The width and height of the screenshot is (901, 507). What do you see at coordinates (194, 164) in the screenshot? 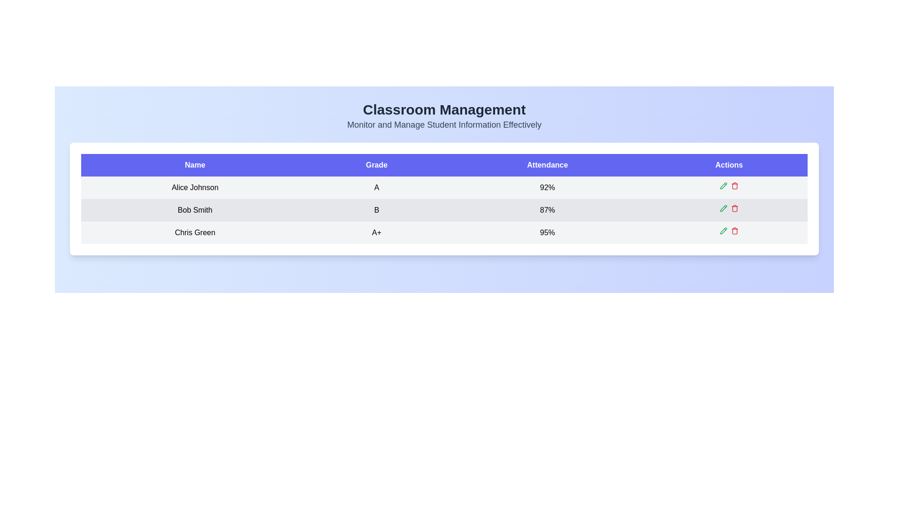
I see `the text content of the 'Name' column header cell, which is the first cell in the header row of the table` at bounding box center [194, 164].